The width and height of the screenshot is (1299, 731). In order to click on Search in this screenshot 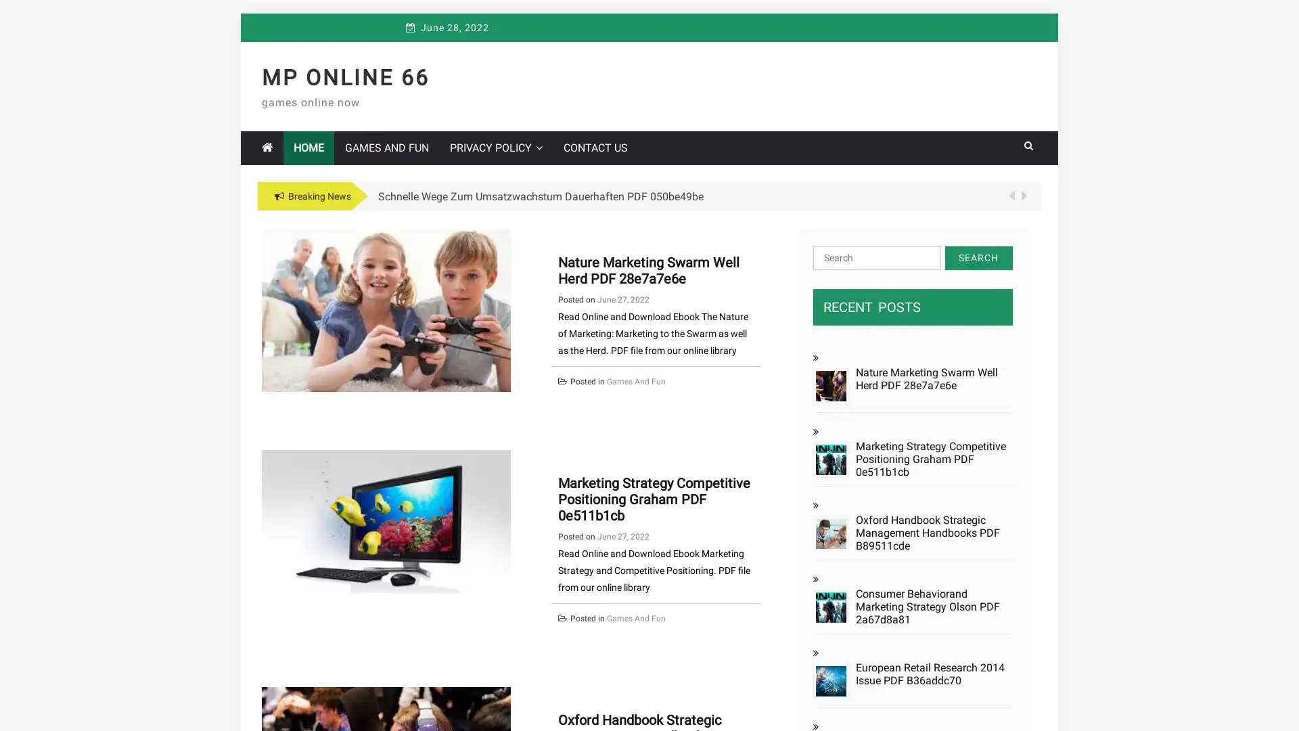, I will do `click(978, 257)`.